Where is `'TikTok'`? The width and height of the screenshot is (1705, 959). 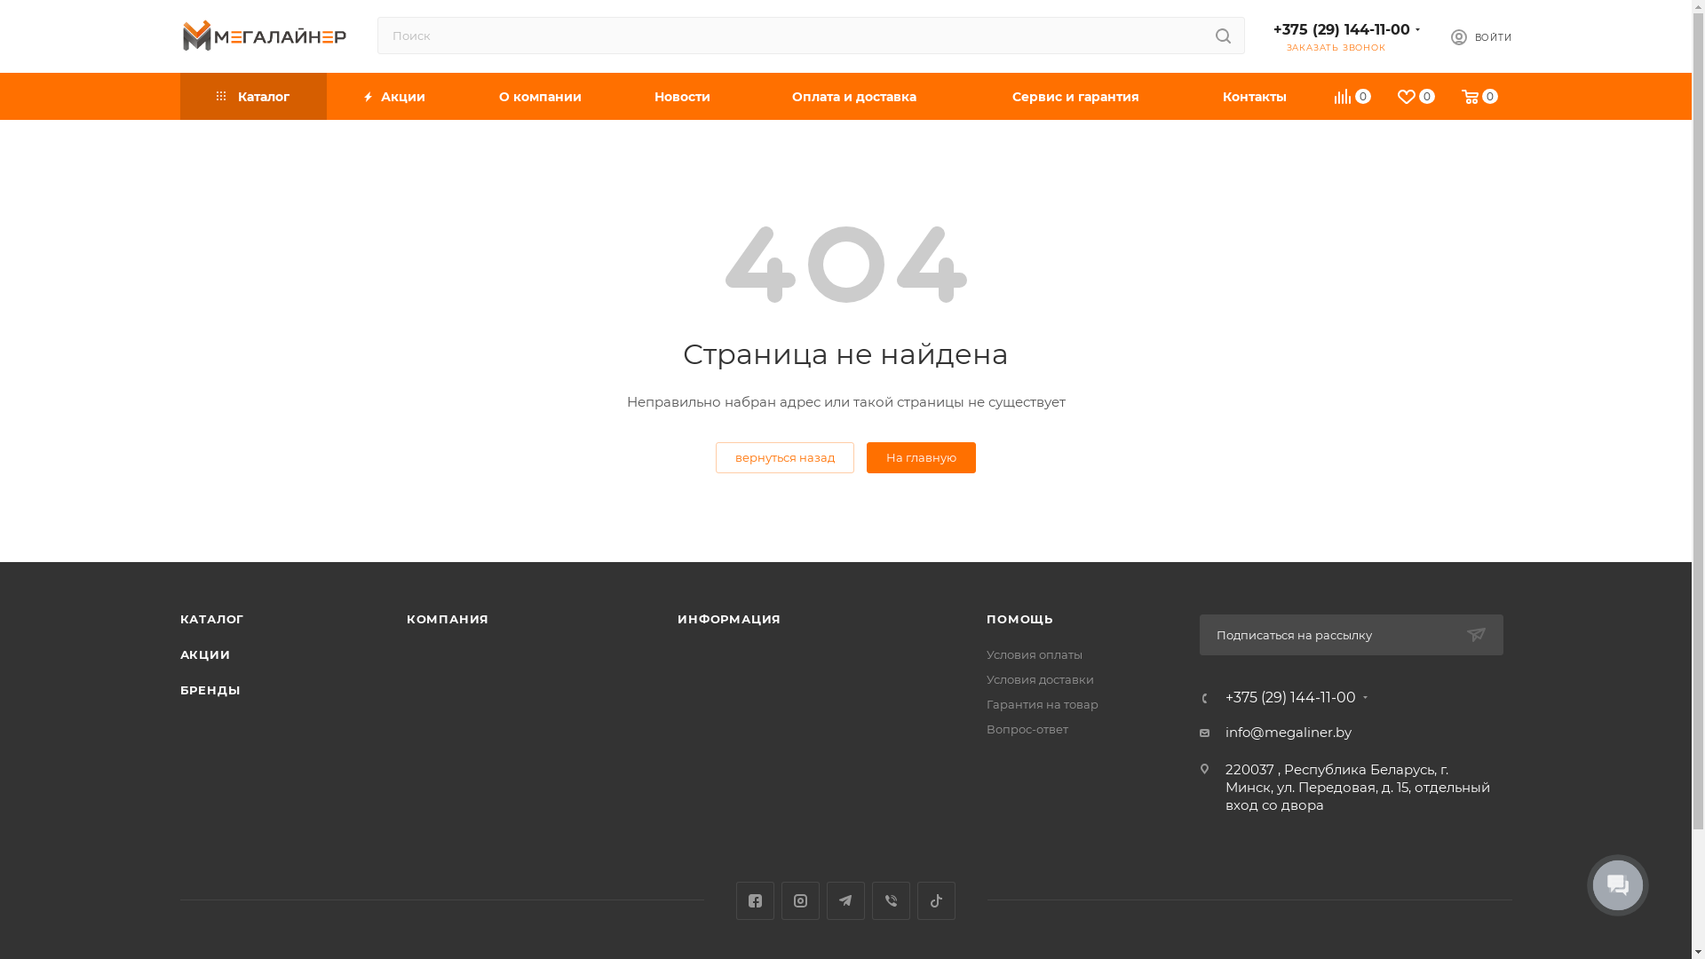 'TikTok' is located at coordinates (916, 900).